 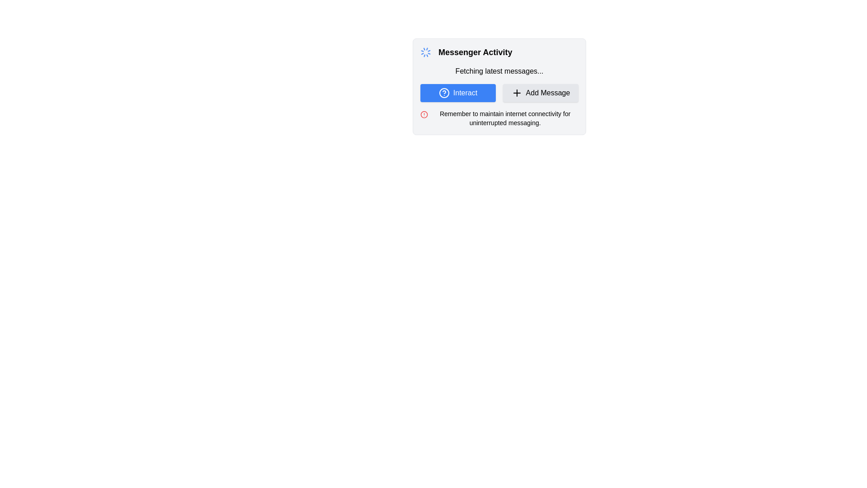 I want to click on informative message with an alert icon located at the bottom of the 'Messenger Activity' section, below the 'Interact' and 'Add Message' buttons, so click(x=499, y=118).